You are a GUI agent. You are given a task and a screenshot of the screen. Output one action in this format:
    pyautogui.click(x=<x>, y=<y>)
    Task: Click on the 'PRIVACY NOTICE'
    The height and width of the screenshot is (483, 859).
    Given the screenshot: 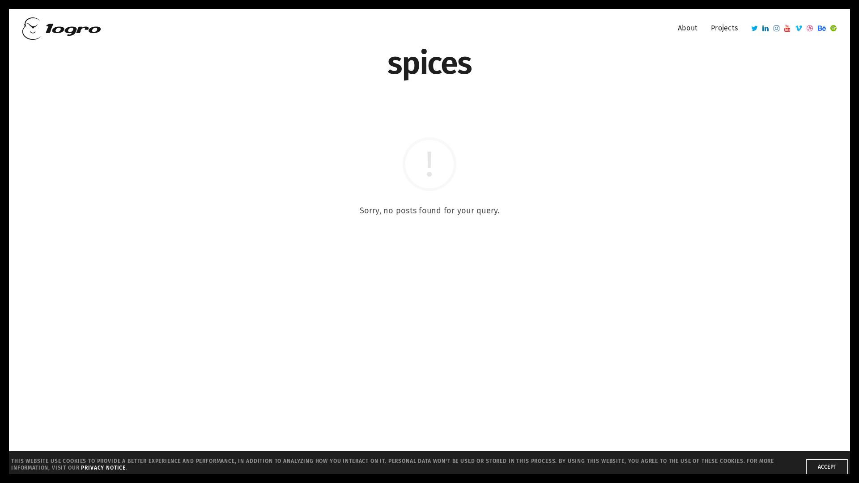 What is the action you would take?
    pyautogui.click(x=103, y=467)
    